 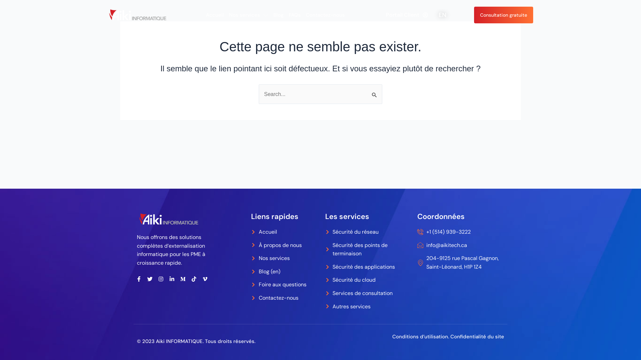 What do you see at coordinates (251, 231) in the screenshot?
I see `'Accueil'` at bounding box center [251, 231].